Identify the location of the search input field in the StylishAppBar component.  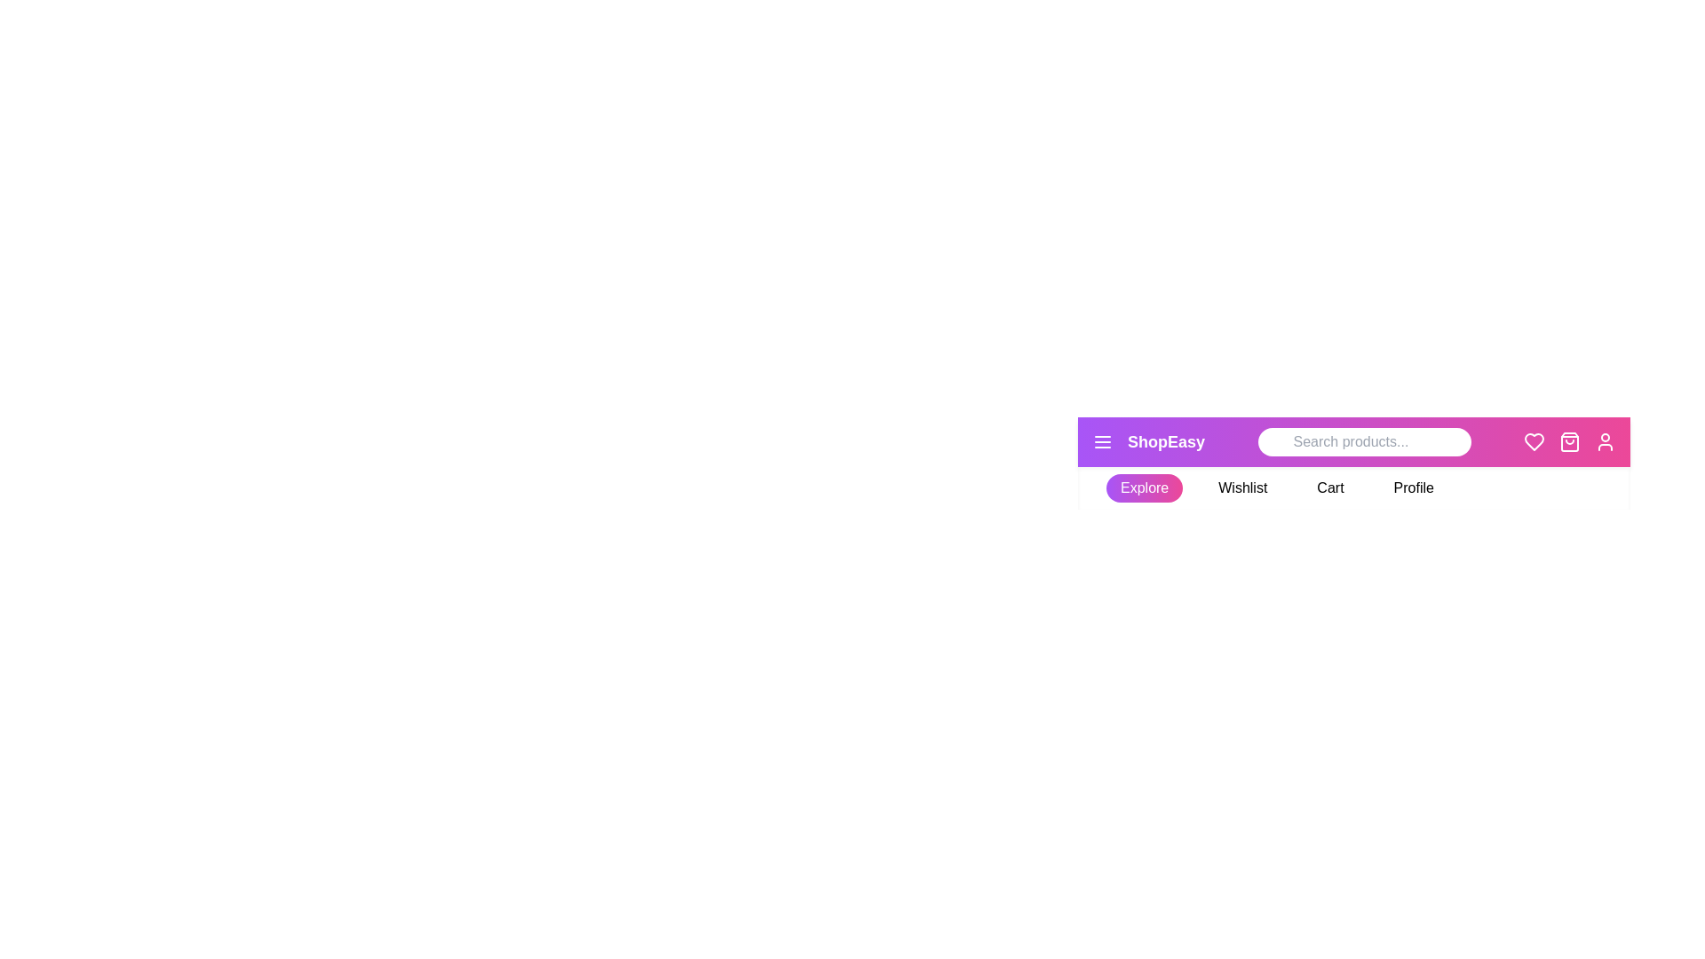
(1363, 440).